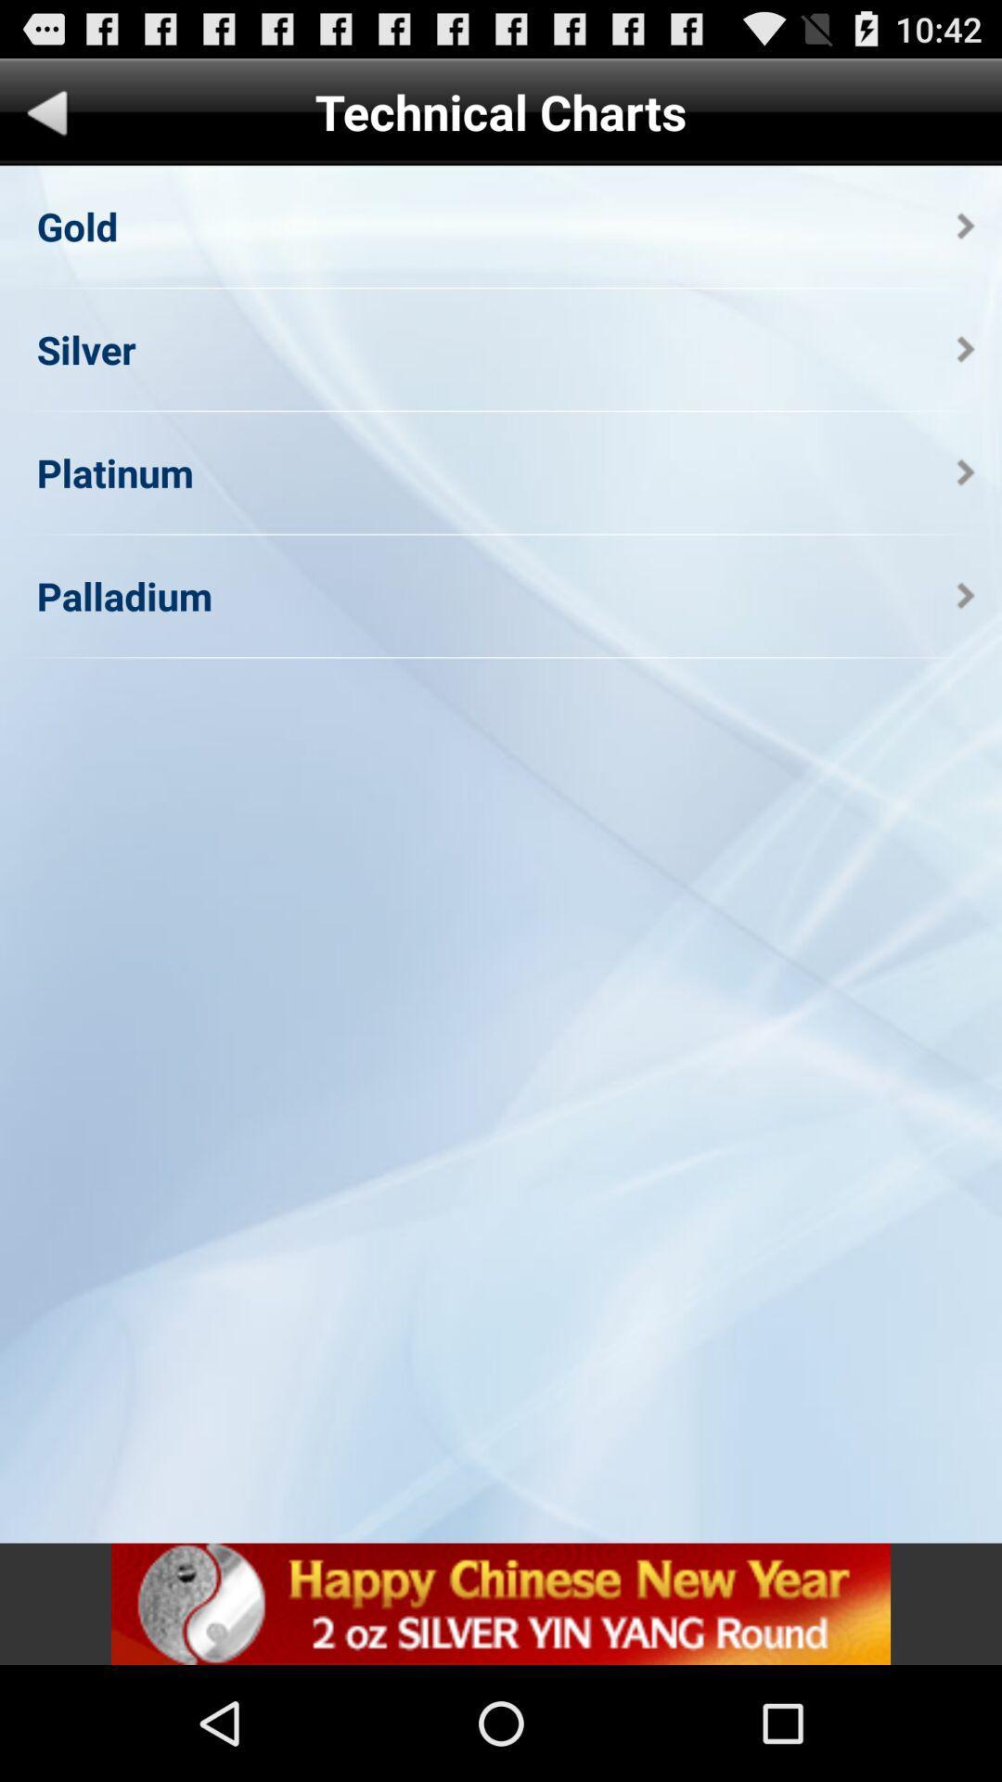  Describe the element at coordinates (965, 225) in the screenshot. I see `the app next to the gold app` at that location.